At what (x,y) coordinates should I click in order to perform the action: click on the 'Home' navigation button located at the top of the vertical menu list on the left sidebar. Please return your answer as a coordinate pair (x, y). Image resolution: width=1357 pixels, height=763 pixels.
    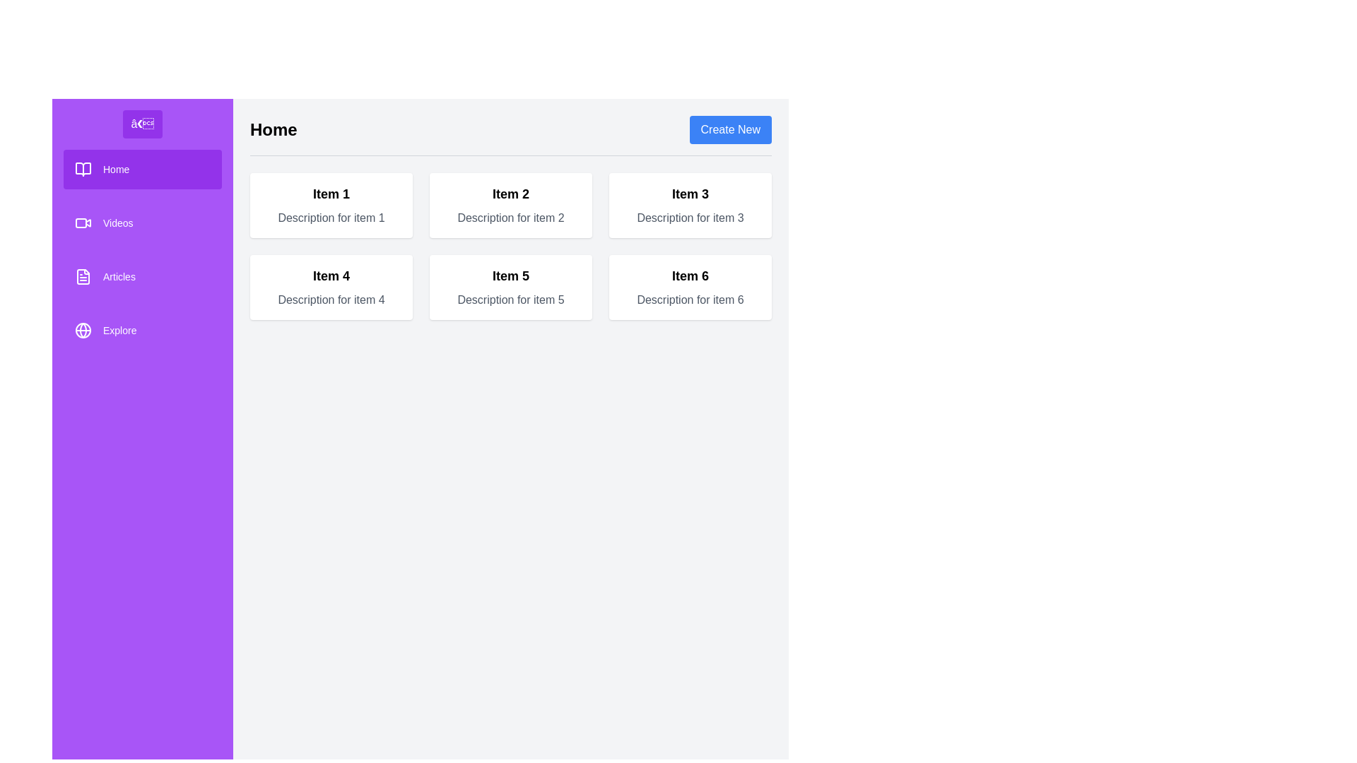
    Looking at the image, I should click on (142, 168).